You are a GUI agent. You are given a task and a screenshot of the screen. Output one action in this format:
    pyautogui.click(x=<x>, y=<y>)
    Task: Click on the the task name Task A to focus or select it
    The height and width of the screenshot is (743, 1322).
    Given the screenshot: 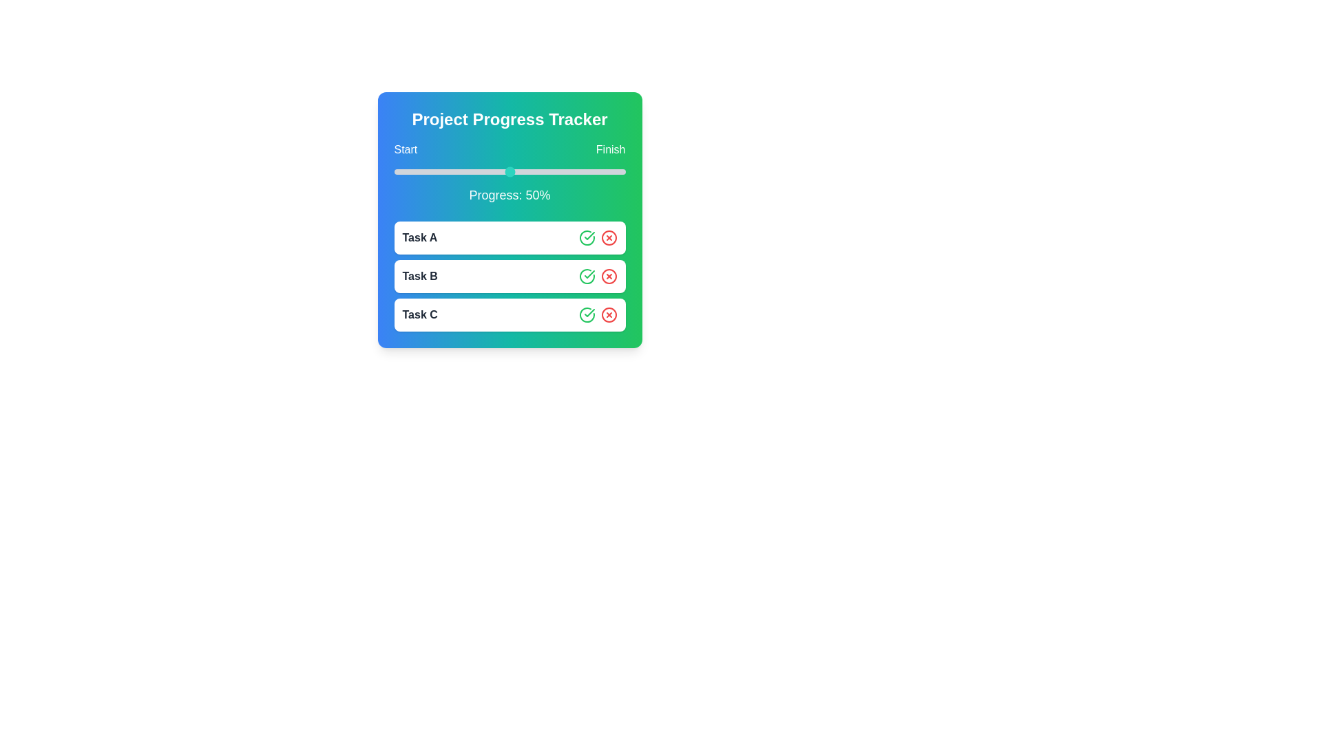 What is the action you would take?
    pyautogui.click(x=419, y=237)
    